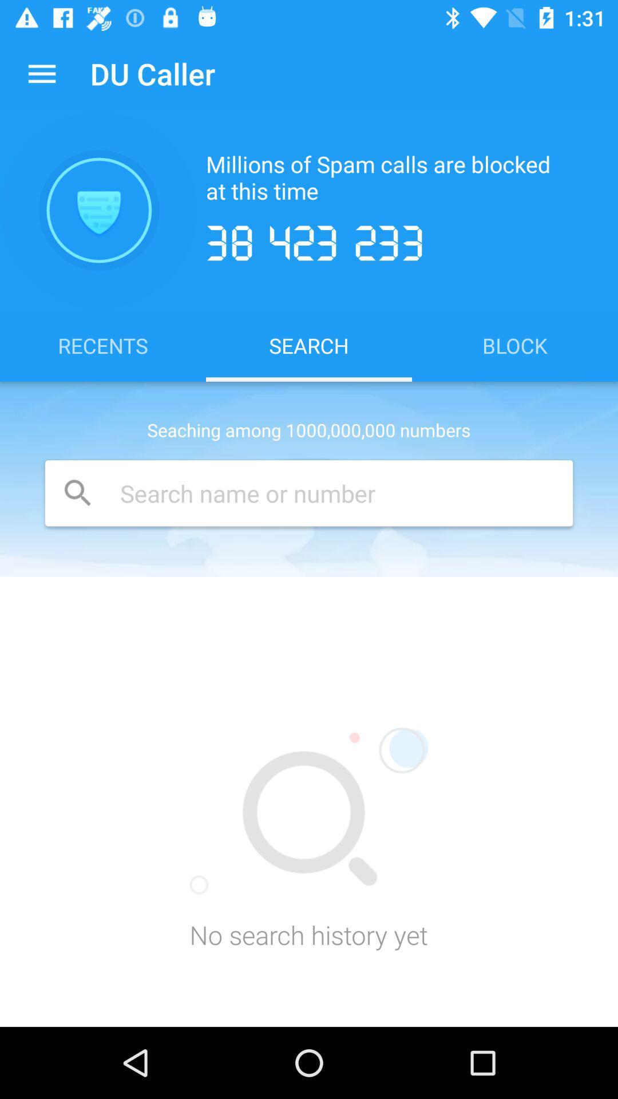 This screenshot has height=1099, width=618. What do you see at coordinates (103, 345) in the screenshot?
I see `icon above seaching among 1000 icon` at bounding box center [103, 345].